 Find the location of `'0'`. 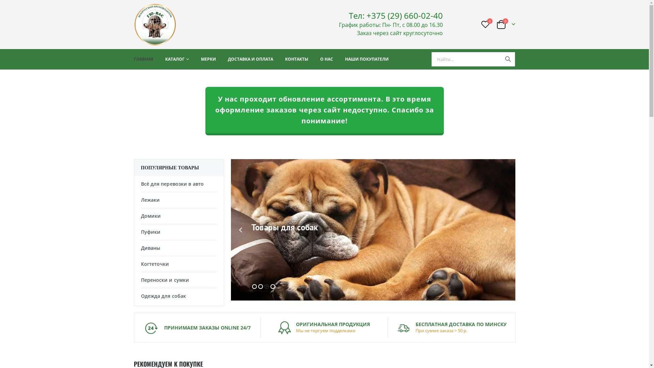

'0' is located at coordinates (485, 24).